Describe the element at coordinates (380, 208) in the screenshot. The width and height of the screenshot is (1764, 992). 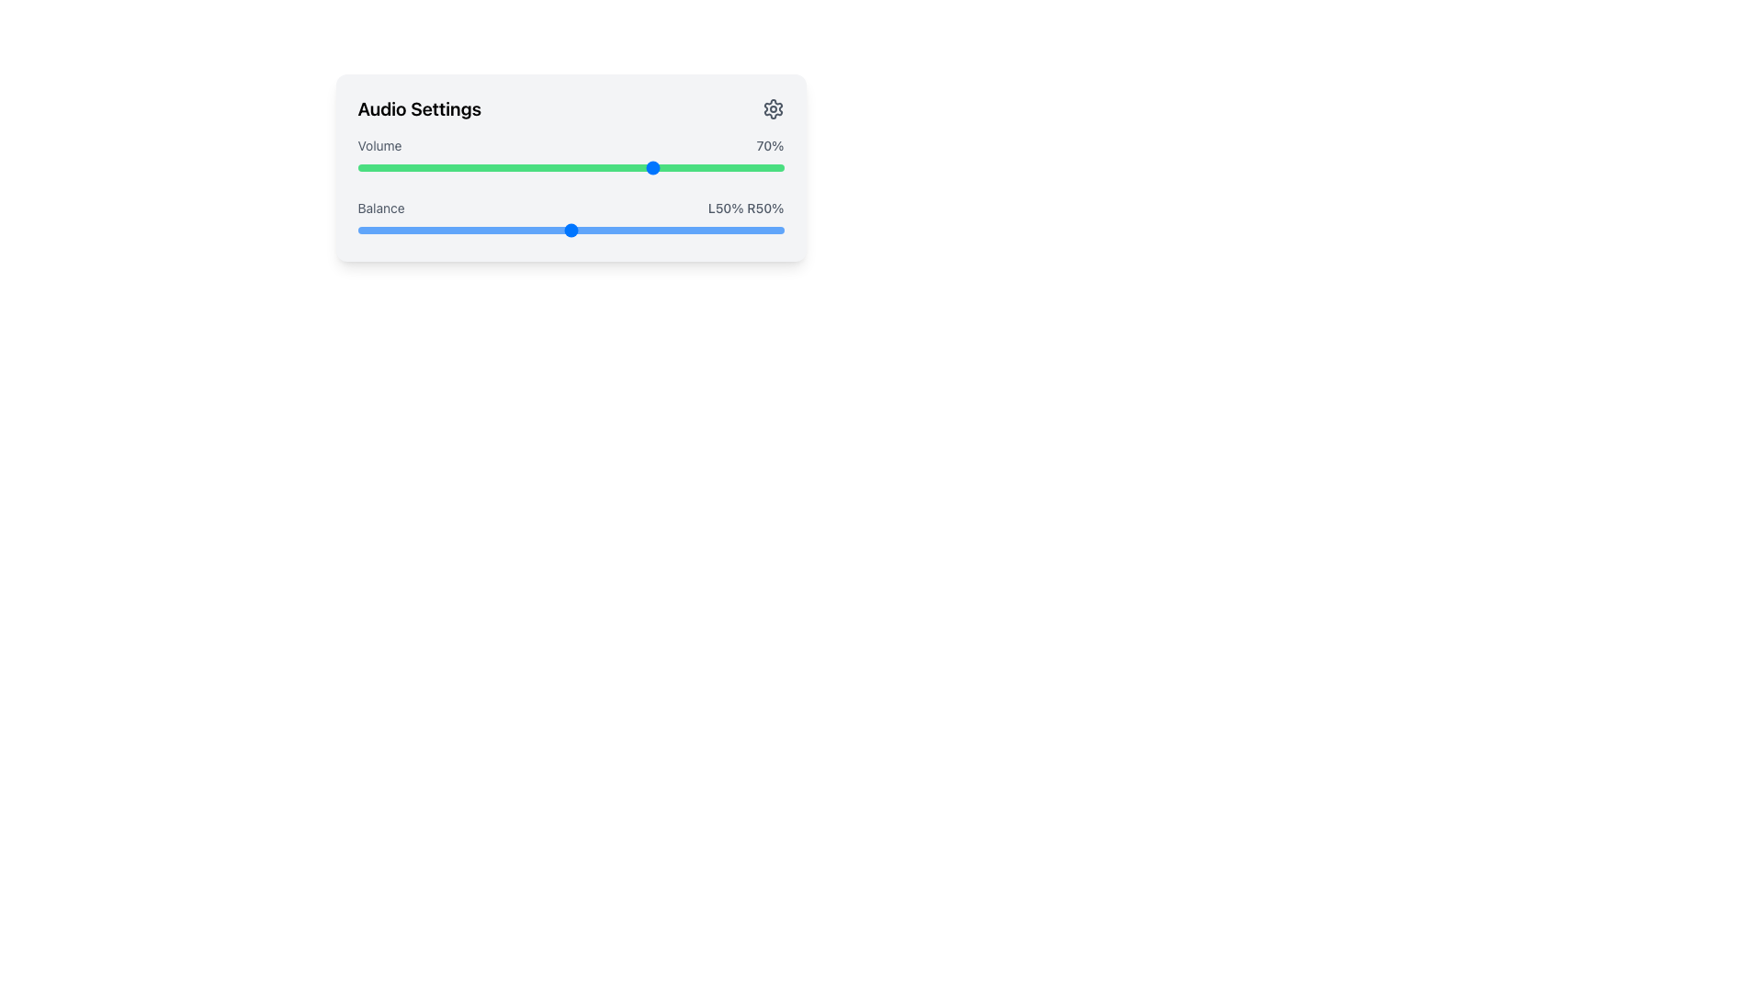
I see `the 'Balance' label text, which is displayed in light gray color and is positioned to the left of the slider bar labeled 'L50% R50%'` at that location.